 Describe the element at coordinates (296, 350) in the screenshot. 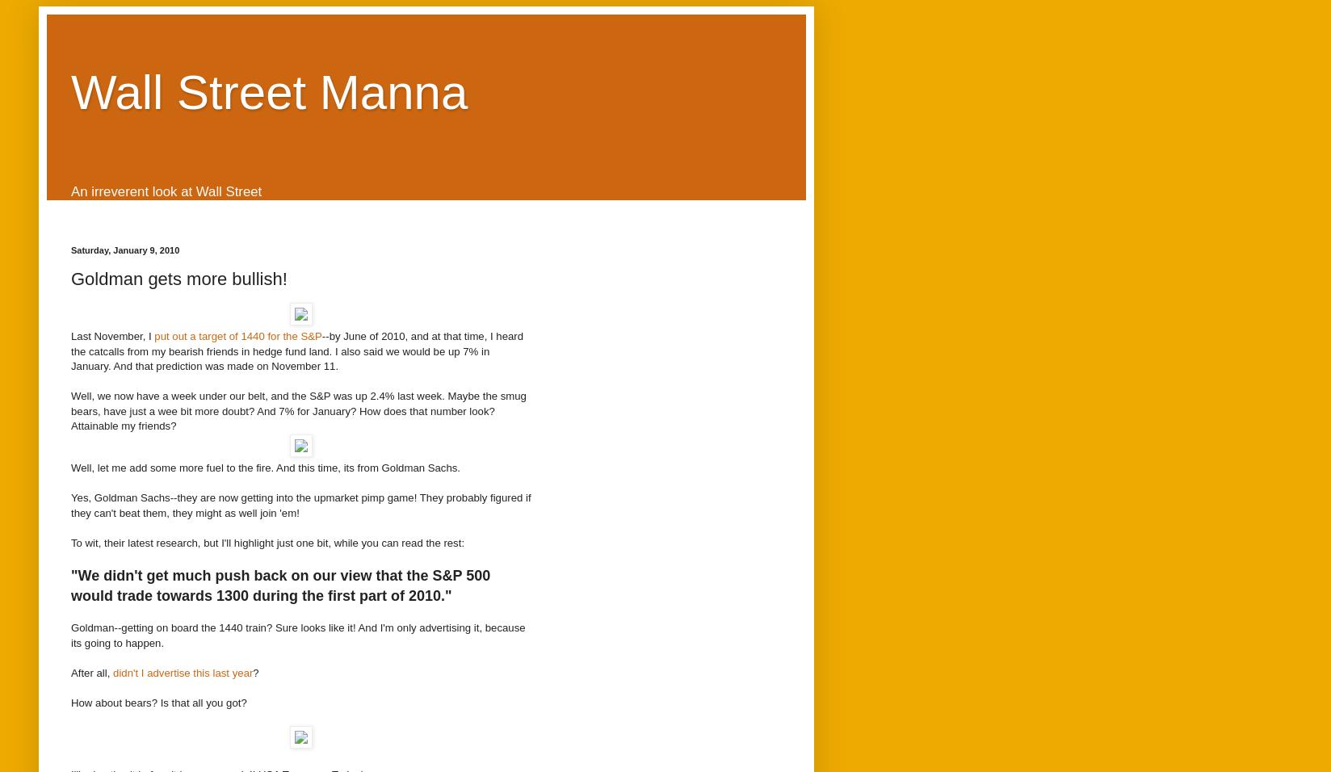

I see `'--by June of 2010, and at that time, I heard the catcalls from my bearish friends in hedge fund land. I also said we would be up 7% in January. And that prediction was made on November 11.'` at that location.